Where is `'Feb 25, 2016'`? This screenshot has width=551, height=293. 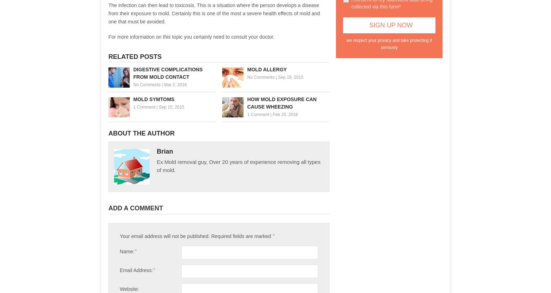 'Feb 25, 2016' is located at coordinates (285, 114).